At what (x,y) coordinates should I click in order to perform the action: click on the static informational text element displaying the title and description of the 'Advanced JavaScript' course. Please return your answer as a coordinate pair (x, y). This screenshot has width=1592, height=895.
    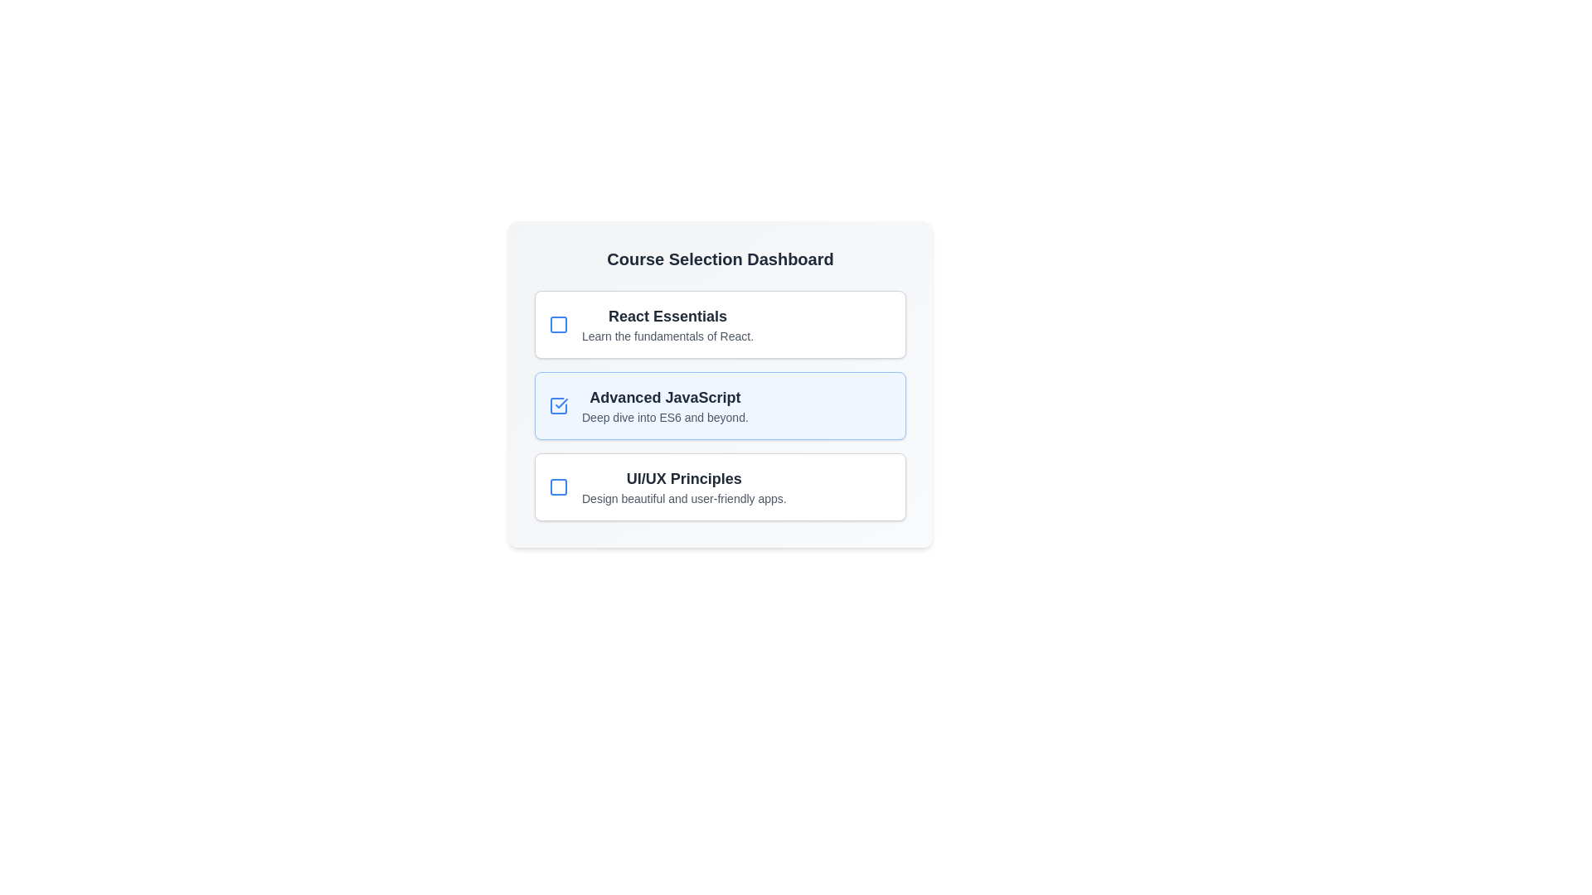
    Looking at the image, I should click on (665, 405).